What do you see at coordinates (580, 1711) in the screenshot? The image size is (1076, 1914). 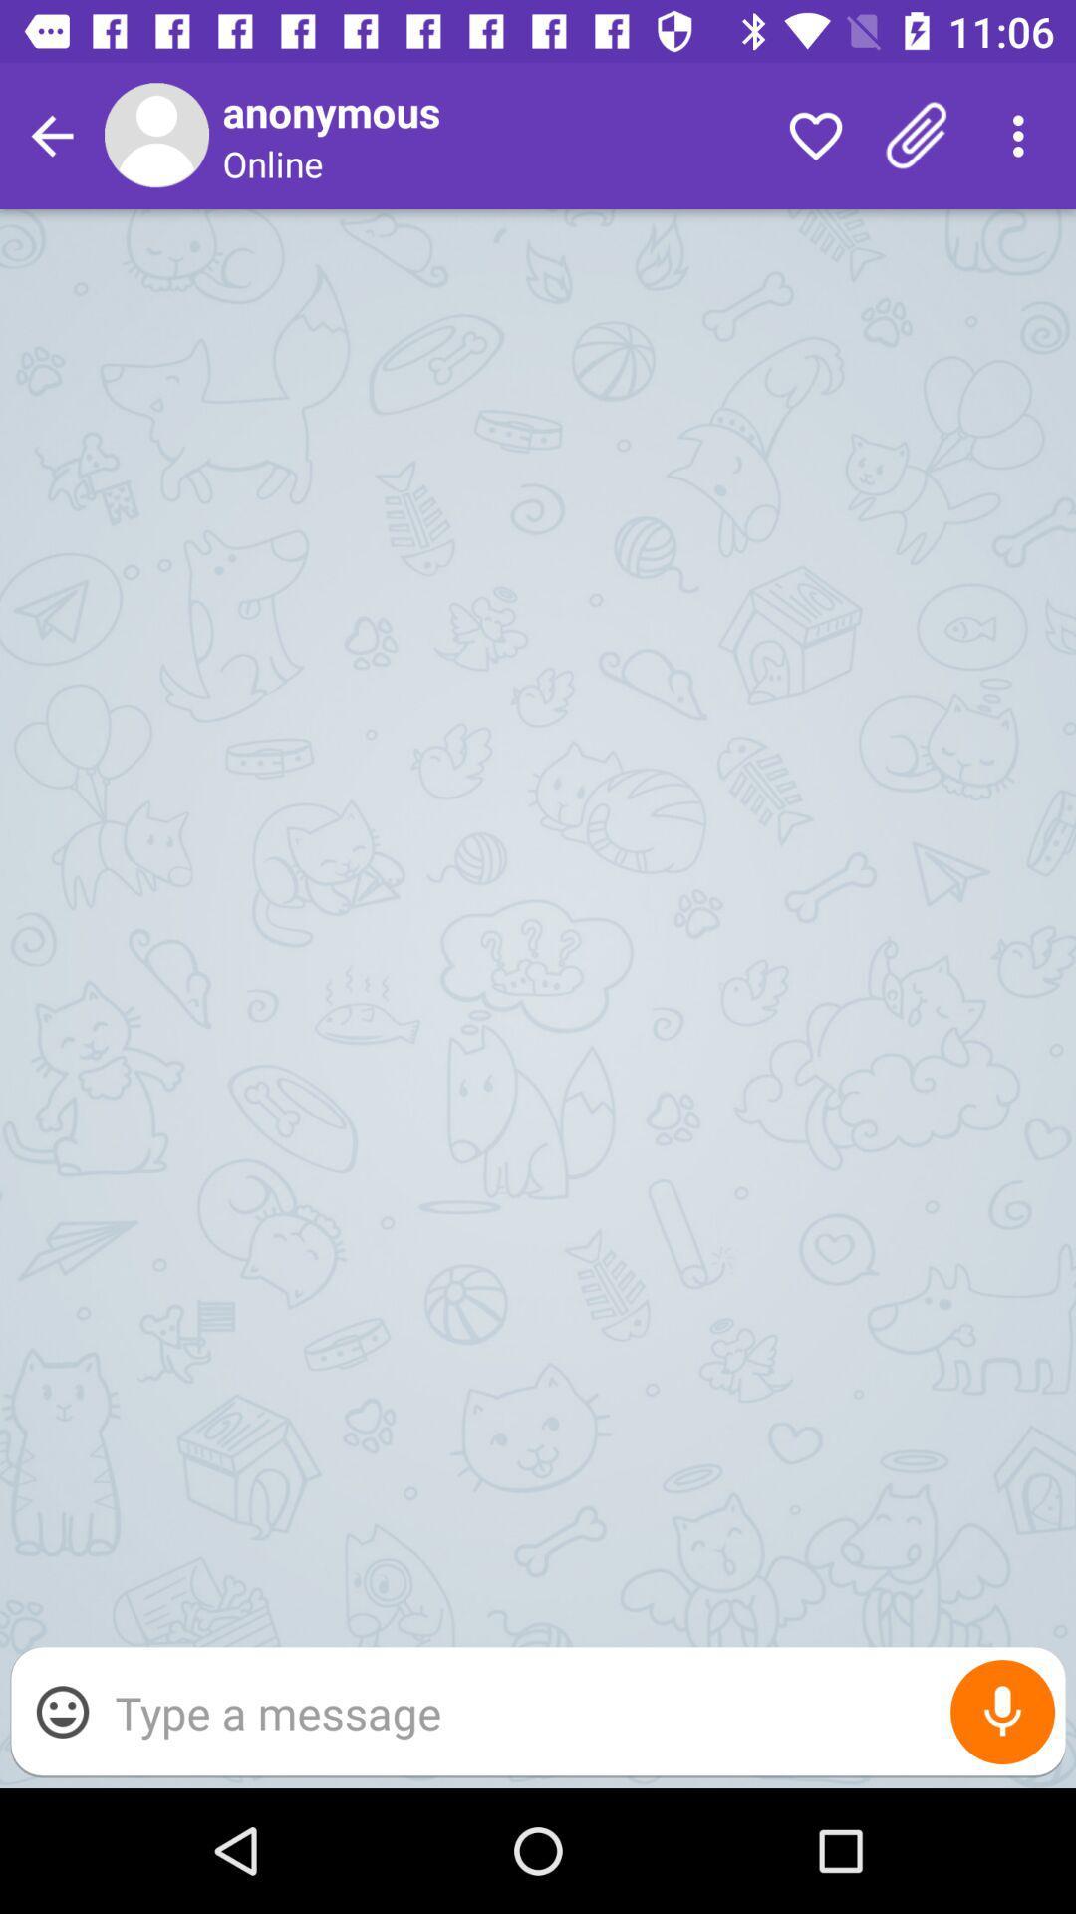 I see `start chat` at bounding box center [580, 1711].